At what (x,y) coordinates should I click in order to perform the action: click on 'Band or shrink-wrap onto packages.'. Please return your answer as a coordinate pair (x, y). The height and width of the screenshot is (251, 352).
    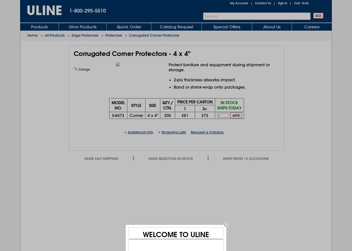
    Looking at the image, I should click on (209, 87).